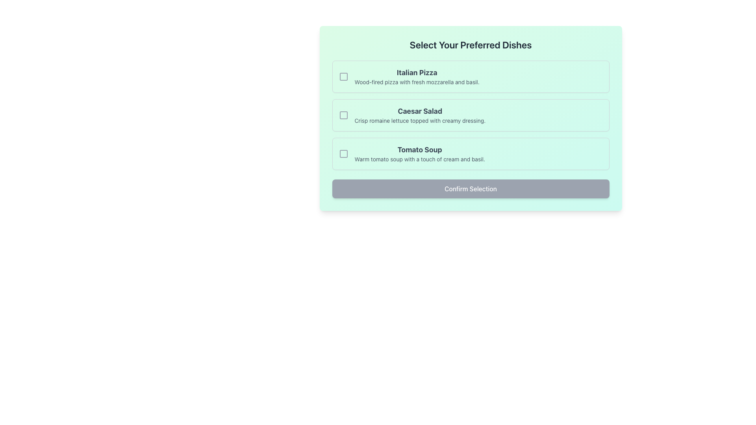 This screenshot has height=425, width=756. Describe the element at coordinates (419, 115) in the screenshot. I see `to select the second list item labeled 'Caesar Salad' which has a bold dark gray title and a lighter gray description beneath it` at that location.